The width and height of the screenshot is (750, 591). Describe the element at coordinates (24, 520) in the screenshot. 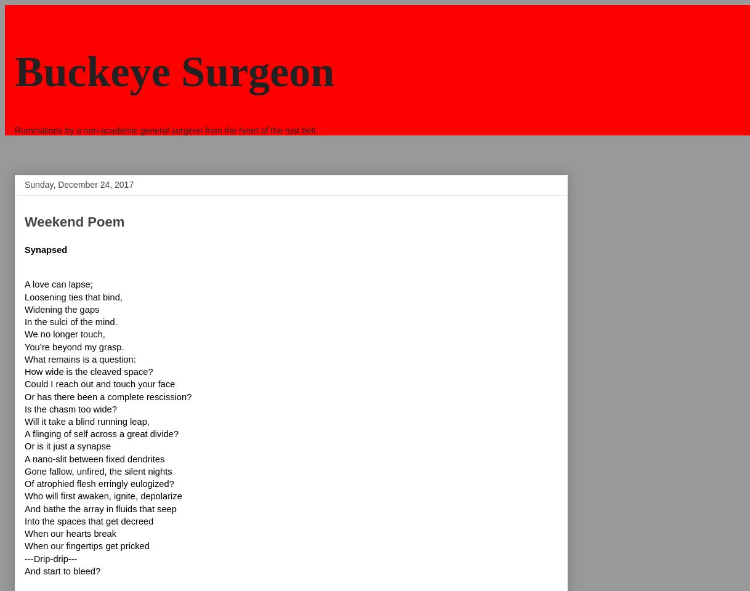

I see `'Into the spaces that get decreed'` at that location.